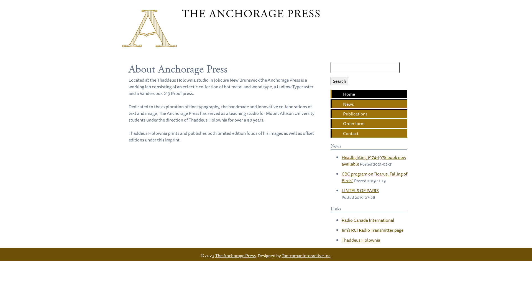 The height and width of the screenshot is (299, 532). What do you see at coordinates (368, 220) in the screenshot?
I see `'Radio Canada International'` at bounding box center [368, 220].